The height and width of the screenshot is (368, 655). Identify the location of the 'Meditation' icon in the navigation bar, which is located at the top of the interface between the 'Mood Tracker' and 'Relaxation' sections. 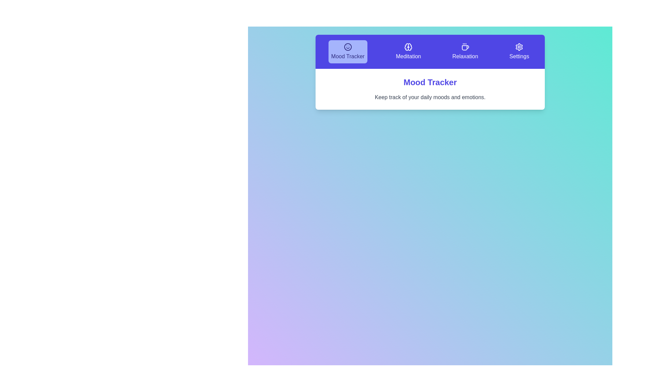
(408, 47).